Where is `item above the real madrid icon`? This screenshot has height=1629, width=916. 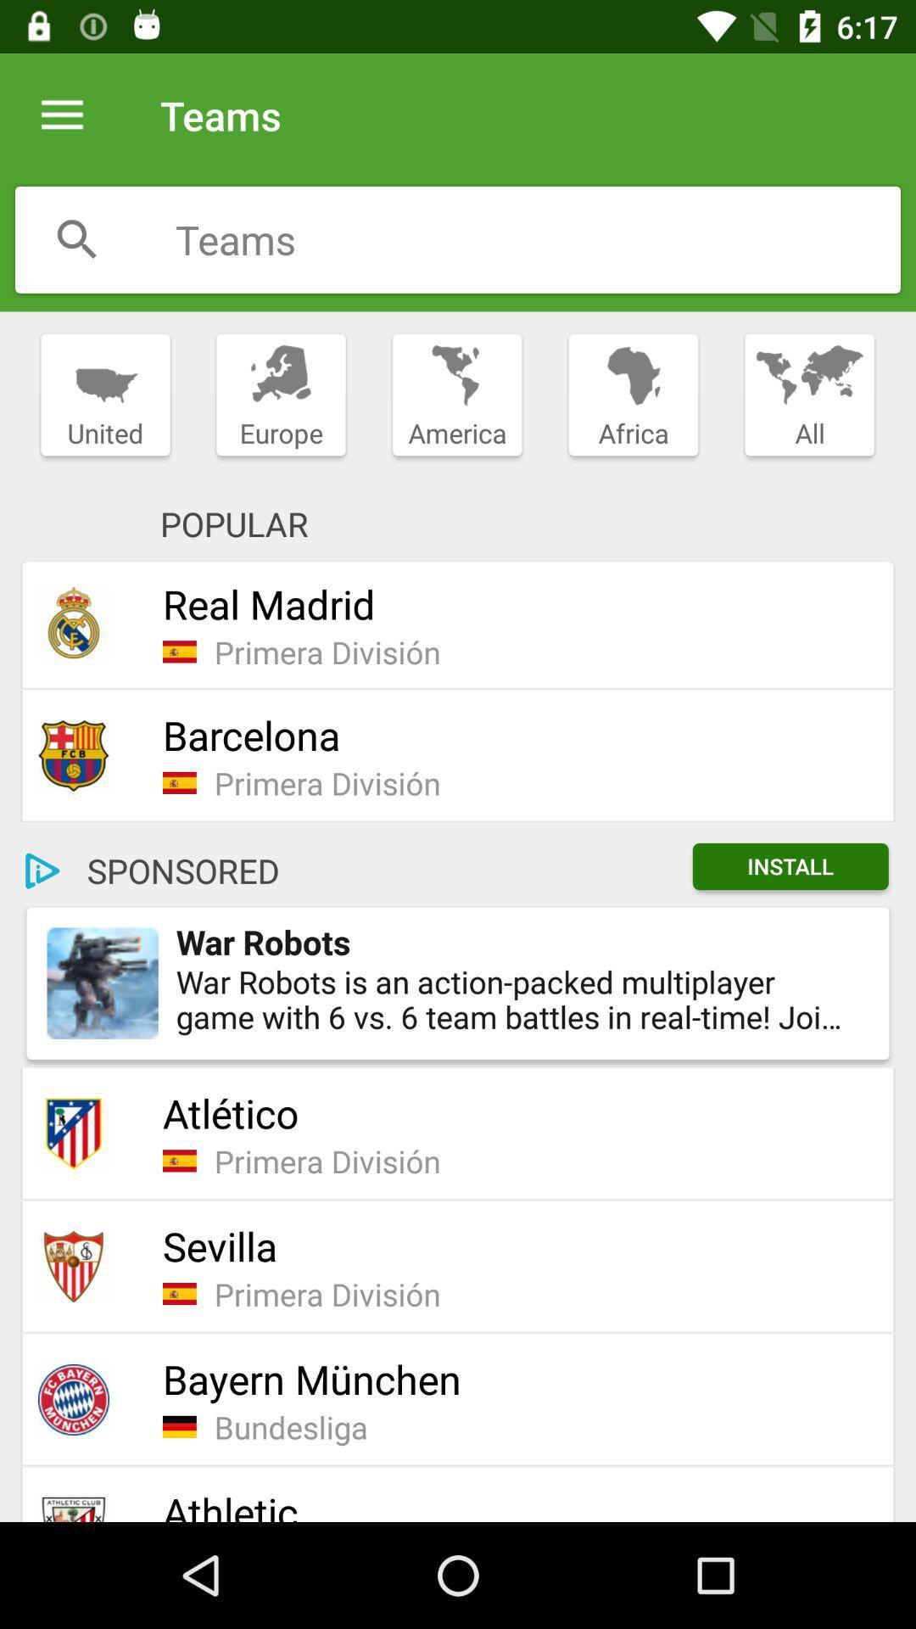
item above the real madrid icon is located at coordinates (456, 395).